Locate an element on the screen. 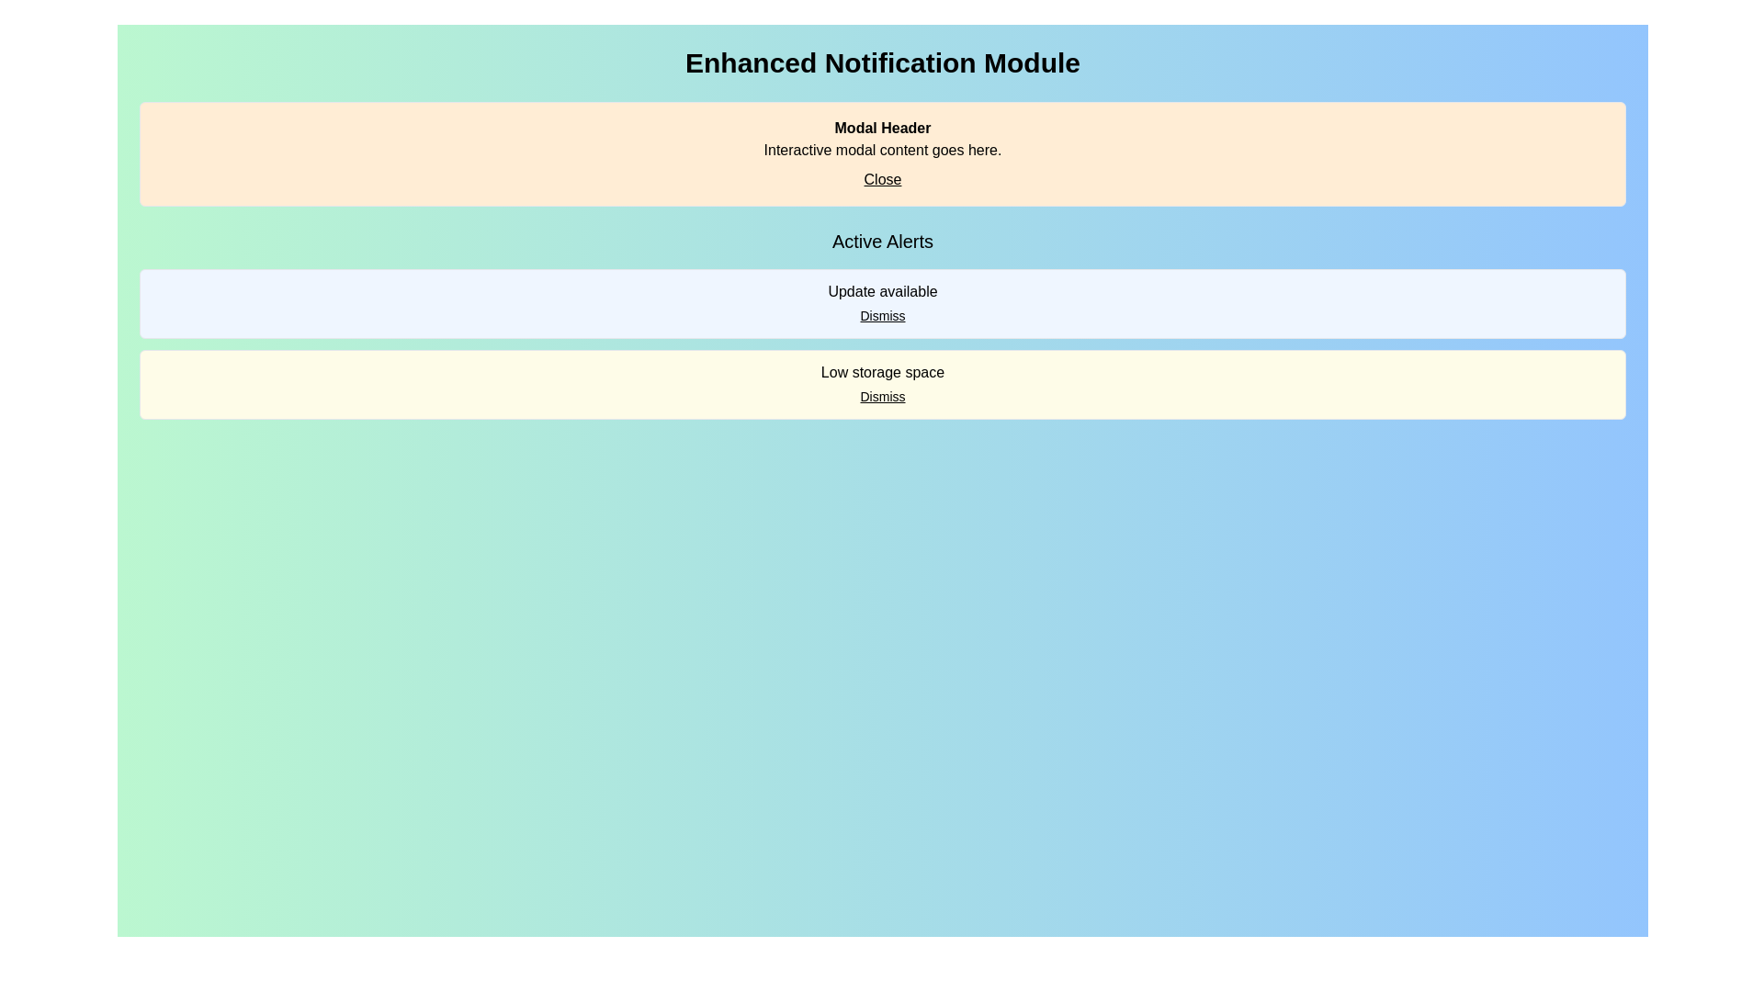 This screenshot has width=1764, height=992. text from the 'Active Alerts' label, which is prominently displayed at the top center of the interface is located at coordinates (882, 240).